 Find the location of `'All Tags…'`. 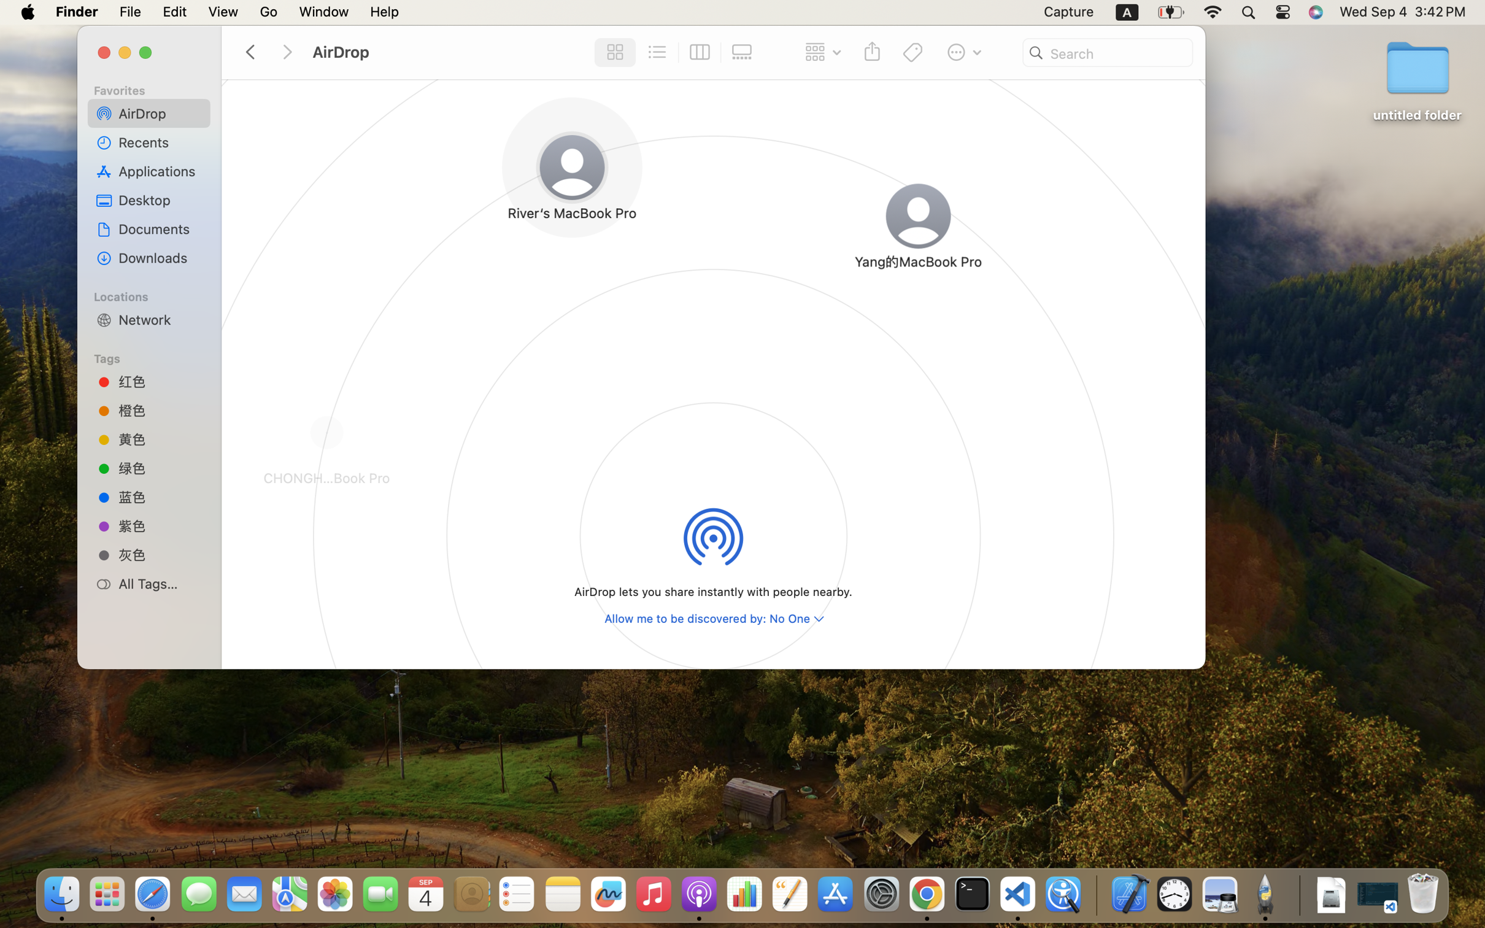

'All Tags…' is located at coordinates (160, 582).